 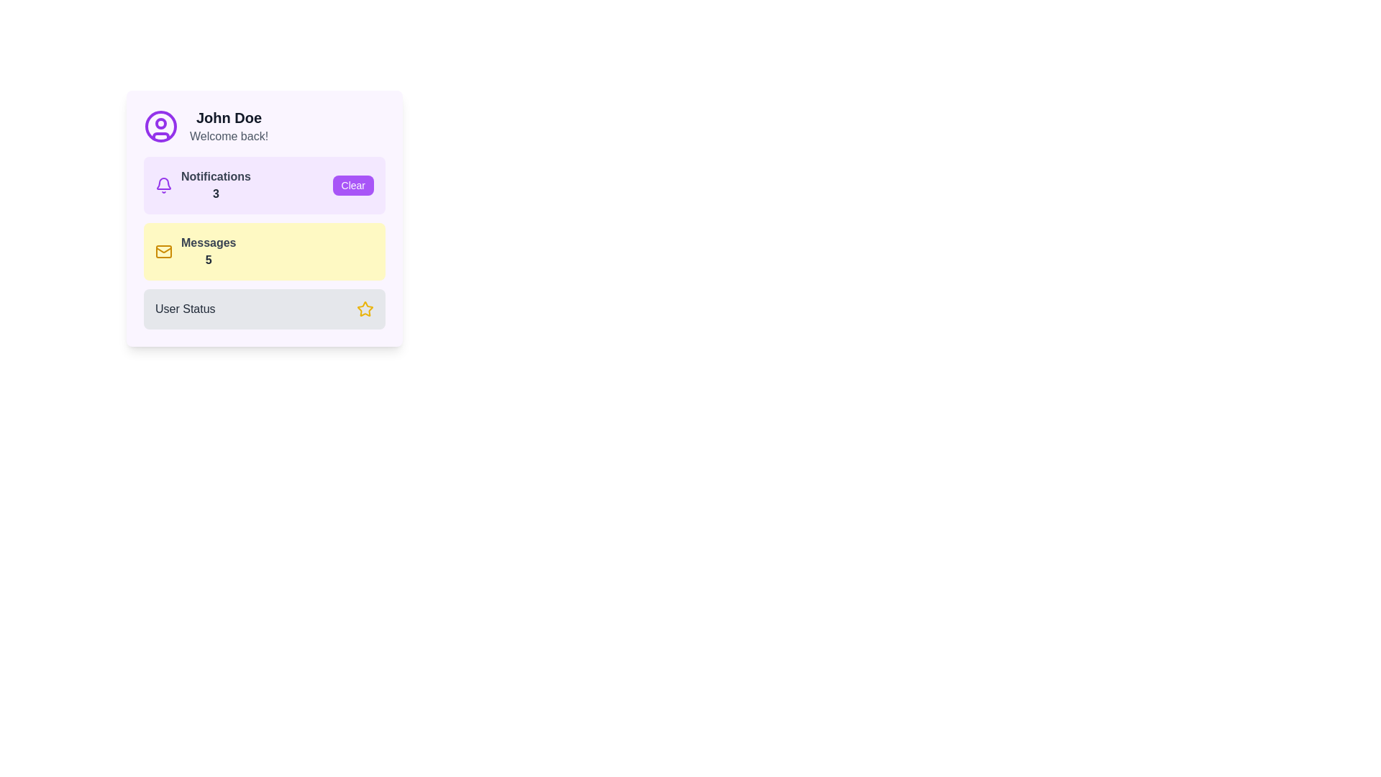 What do you see at coordinates (208, 260) in the screenshot?
I see `the text label indicating the count of messages or notifications next to the 'Messages' label` at bounding box center [208, 260].